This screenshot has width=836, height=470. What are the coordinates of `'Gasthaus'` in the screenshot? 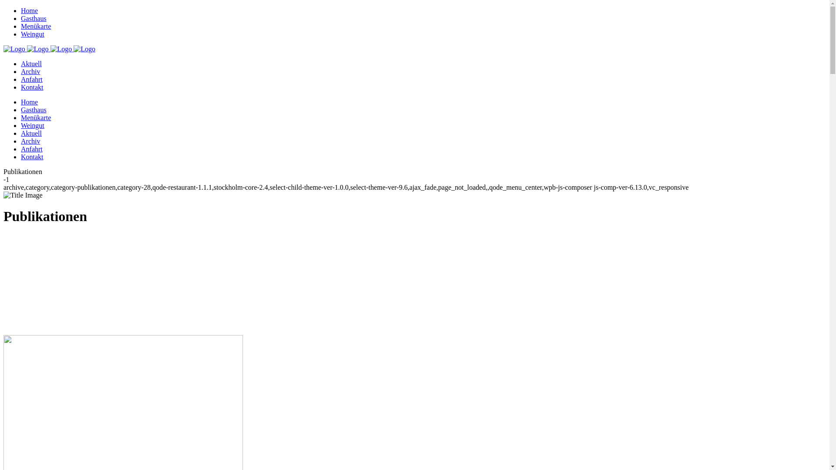 It's located at (34, 18).